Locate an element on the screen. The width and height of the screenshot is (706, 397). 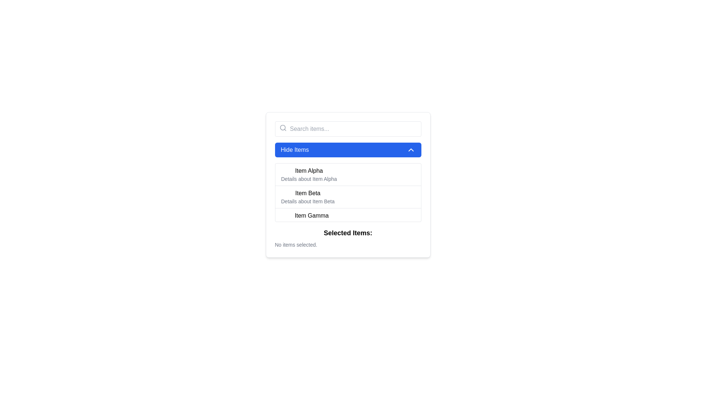
the second item is located at coordinates (308, 197).